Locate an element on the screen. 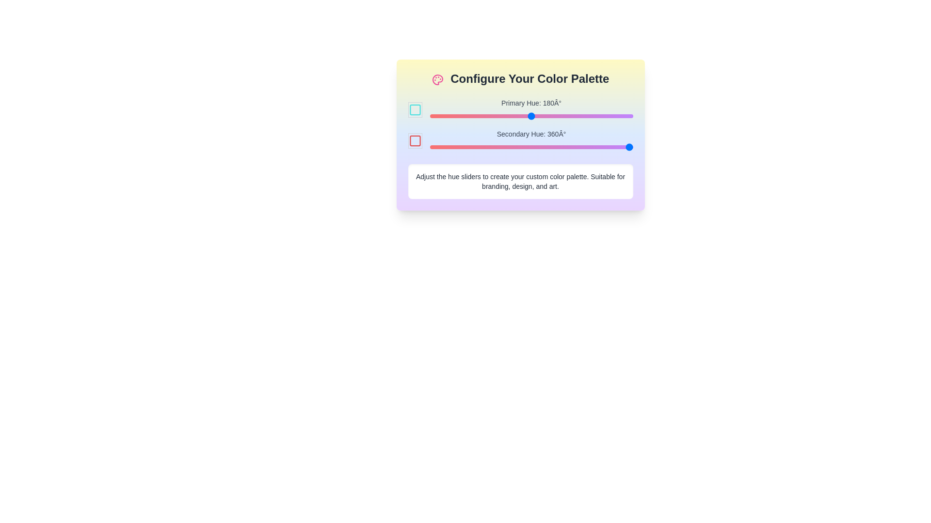 Image resolution: width=931 pixels, height=523 pixels. the color square to highlight it and view its current hue is located at coordinates (415, 109).